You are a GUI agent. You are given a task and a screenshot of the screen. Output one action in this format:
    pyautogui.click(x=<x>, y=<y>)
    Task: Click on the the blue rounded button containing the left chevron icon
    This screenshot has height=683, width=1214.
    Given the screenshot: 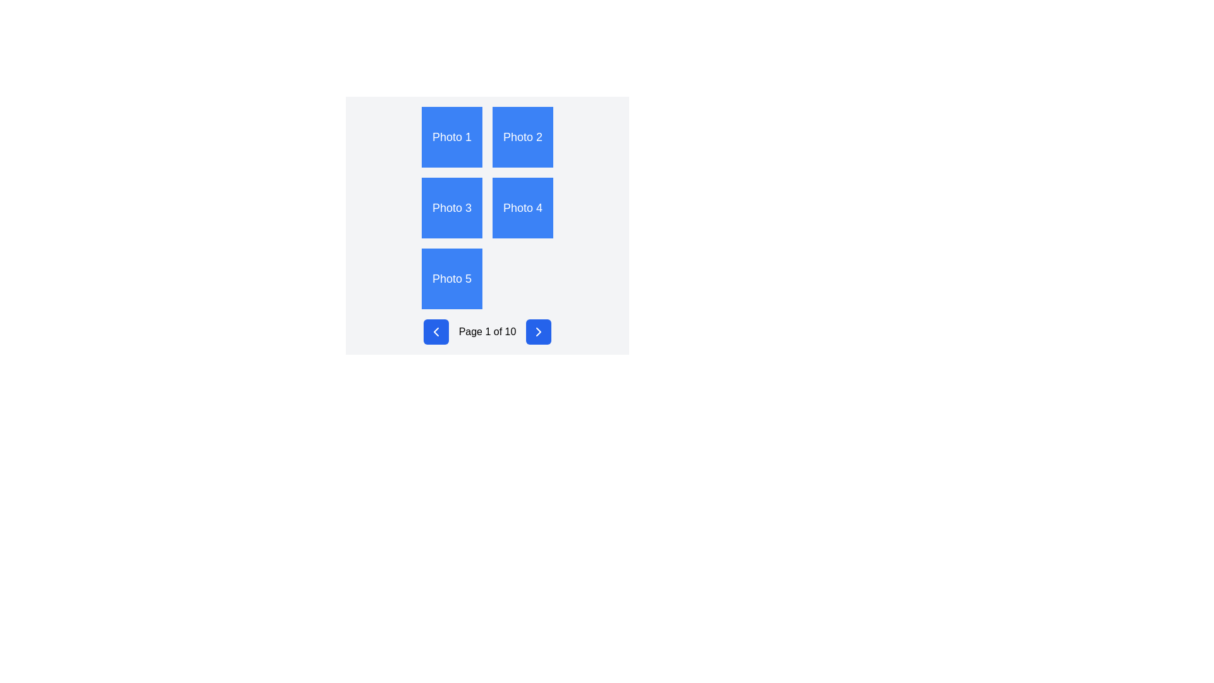 What is the action you would take?
    pyautogui.click(x=436, y=331)
    